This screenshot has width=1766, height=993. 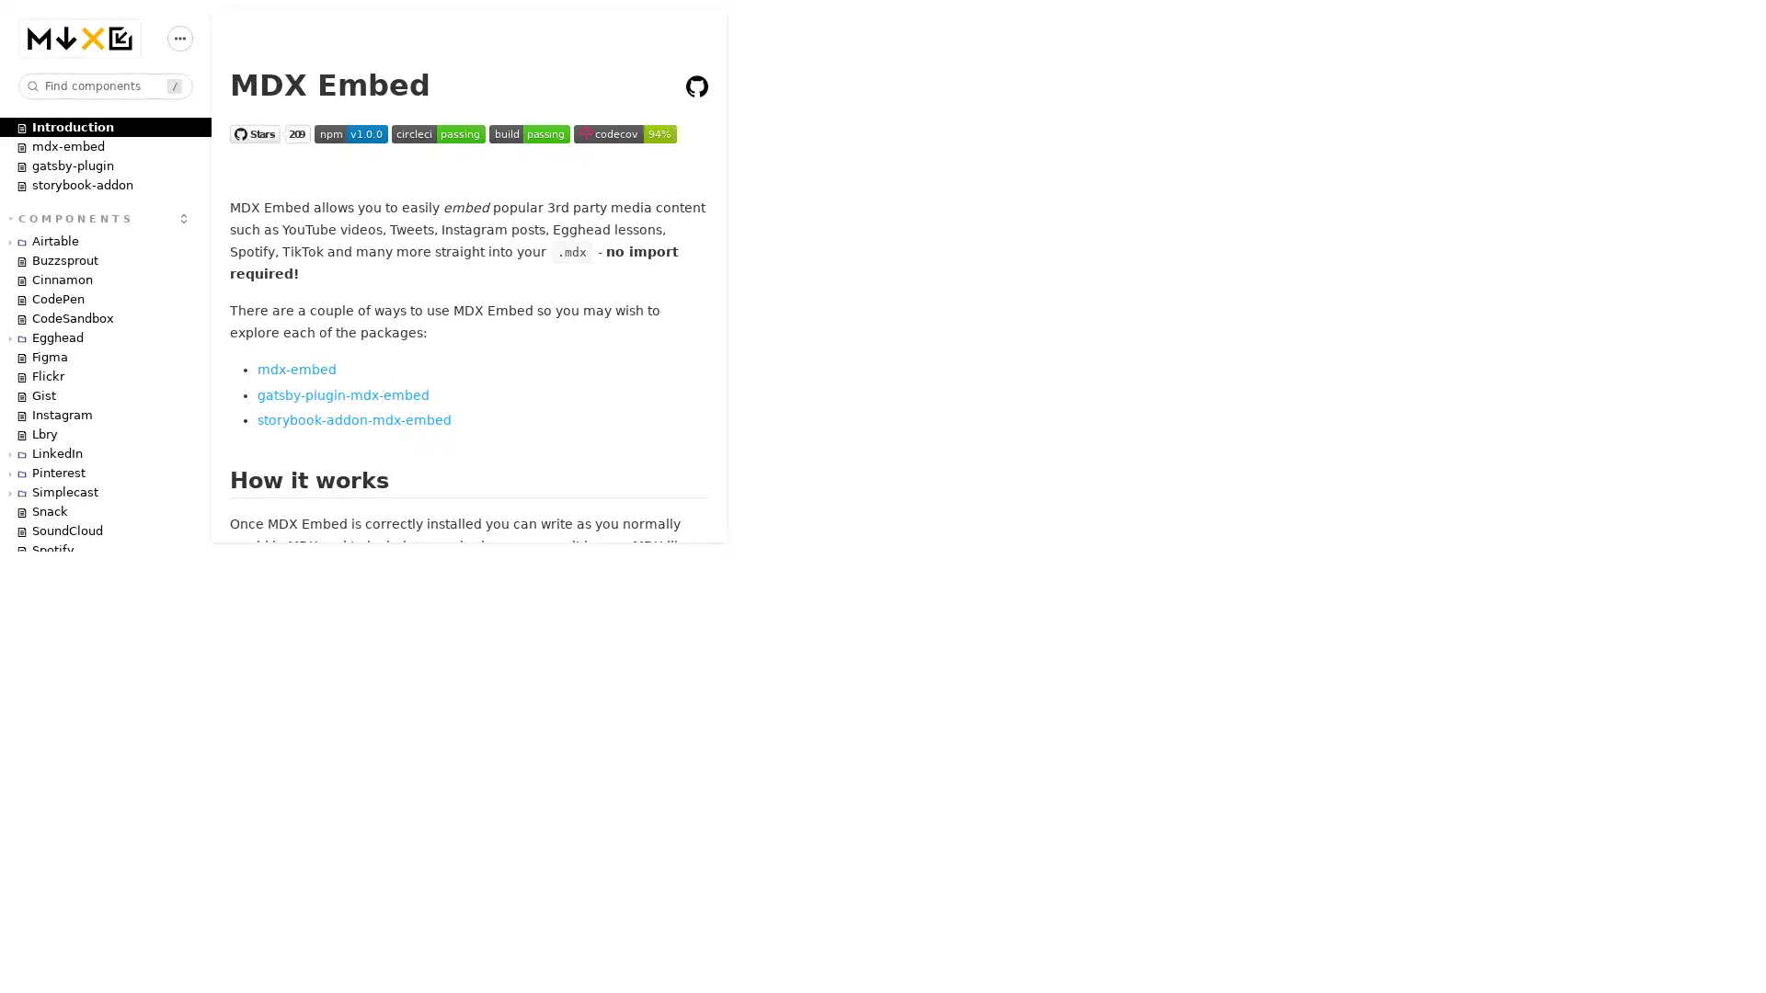 I want to click on COMPONENTS, so click(x=71, y=216).